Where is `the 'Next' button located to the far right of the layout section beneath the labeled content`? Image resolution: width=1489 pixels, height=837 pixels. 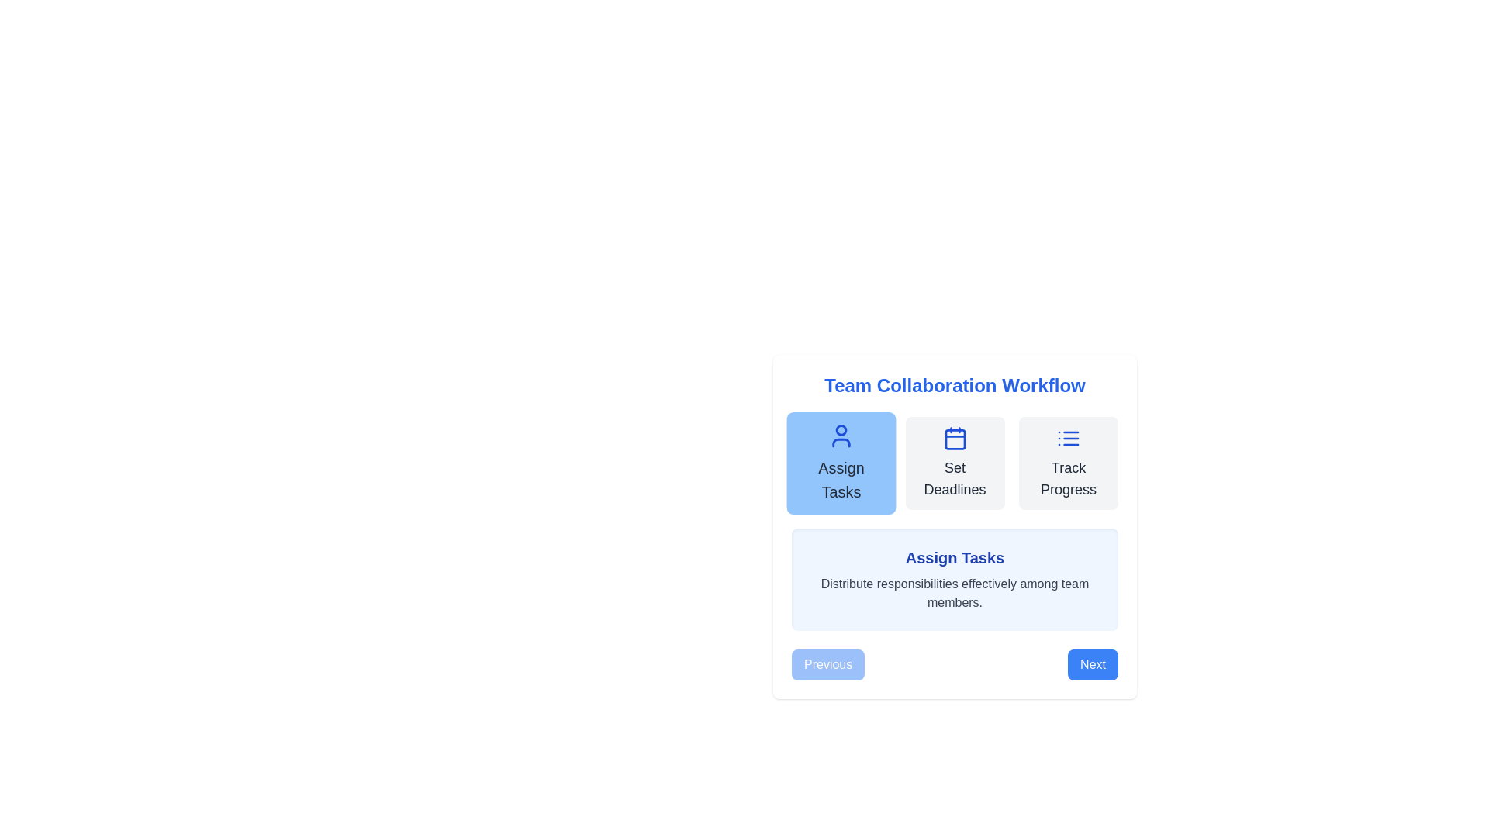
the 'Next' button located to the far right of the layout section beneath the labeled content is located at coordinates (1092, 663).